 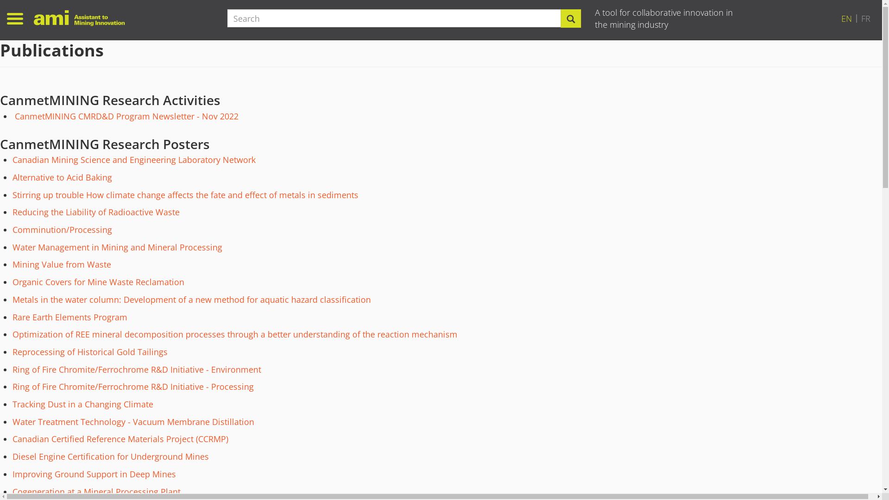 What do you see at coordinates (82, 403) in the screenshot?
I see `'Tracking Dust in a Changing Climate'` at bounding box center [82, 403].